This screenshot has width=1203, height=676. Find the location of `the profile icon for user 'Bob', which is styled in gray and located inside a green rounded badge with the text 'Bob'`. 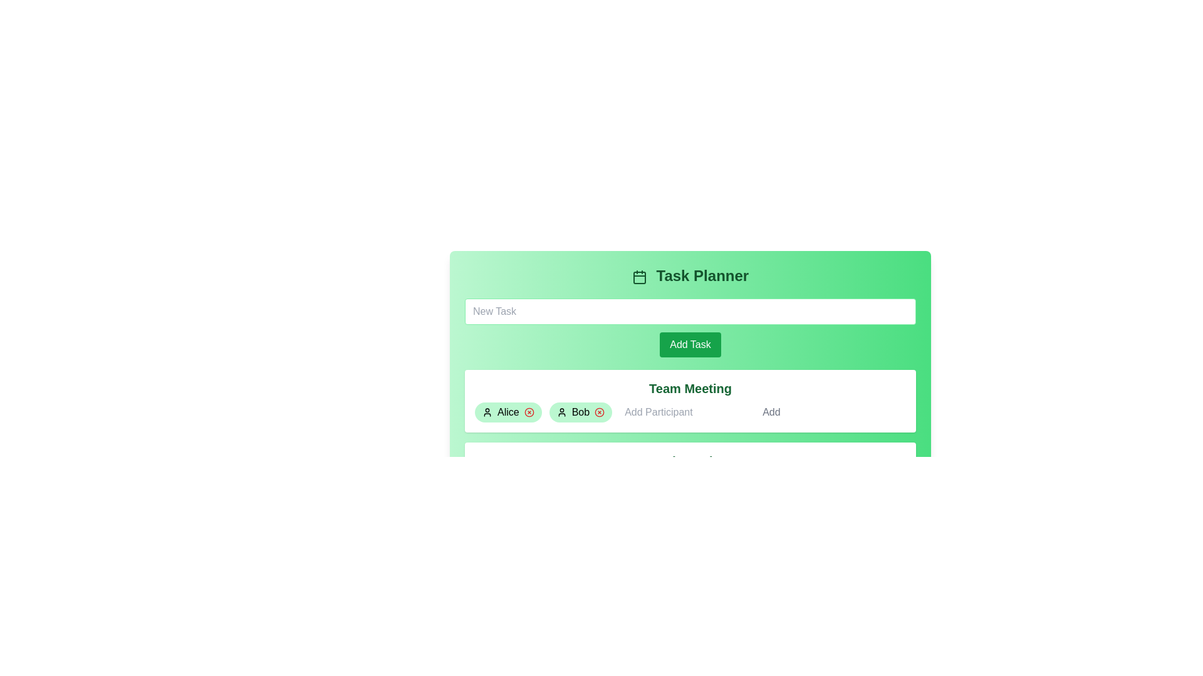

the profile icon for user 'Bob', which is styled in gray and located inside a green rounded badge with the text 'Bob' is located at coordinates (561, 412).